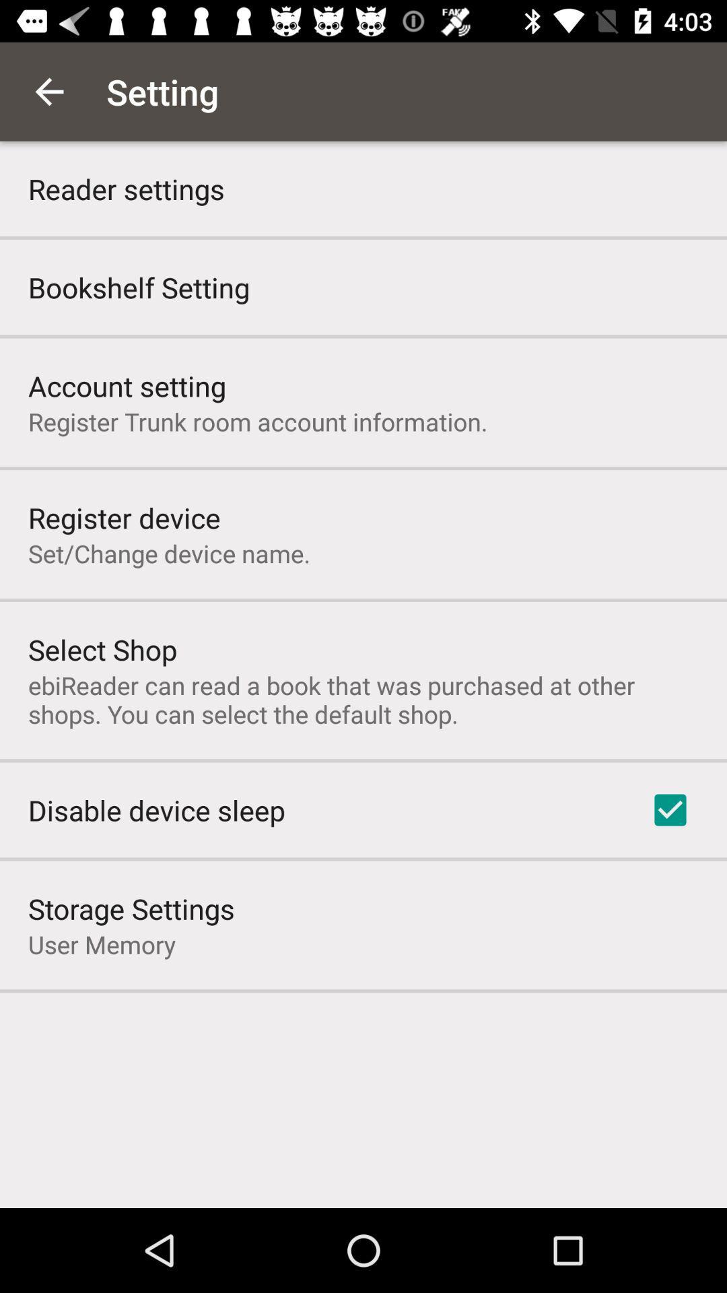 This screenshot has width=727, height=1293. I want to click on the app above the reader settings, so click(48, 91).